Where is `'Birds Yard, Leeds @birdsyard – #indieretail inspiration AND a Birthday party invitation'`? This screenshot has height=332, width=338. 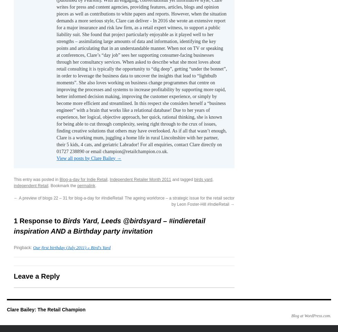 'Birds Yard, Leeds @birdsyard – #indieretail inspiration AND a Birthday party invitation' is located at coordinates (109, 226).